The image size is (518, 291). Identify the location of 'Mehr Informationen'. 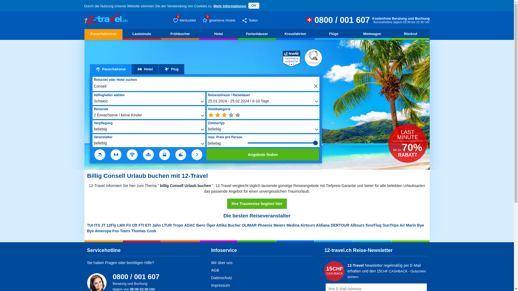
(230, 6).